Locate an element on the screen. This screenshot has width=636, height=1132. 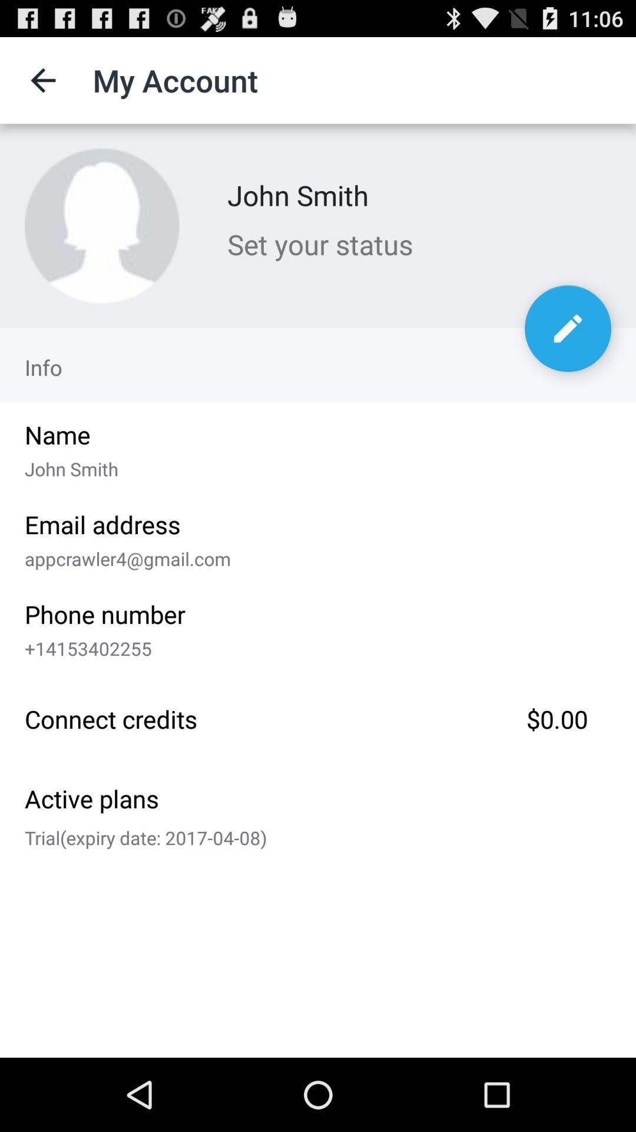
item to the left of my account item is located at coordinates (42, 80).